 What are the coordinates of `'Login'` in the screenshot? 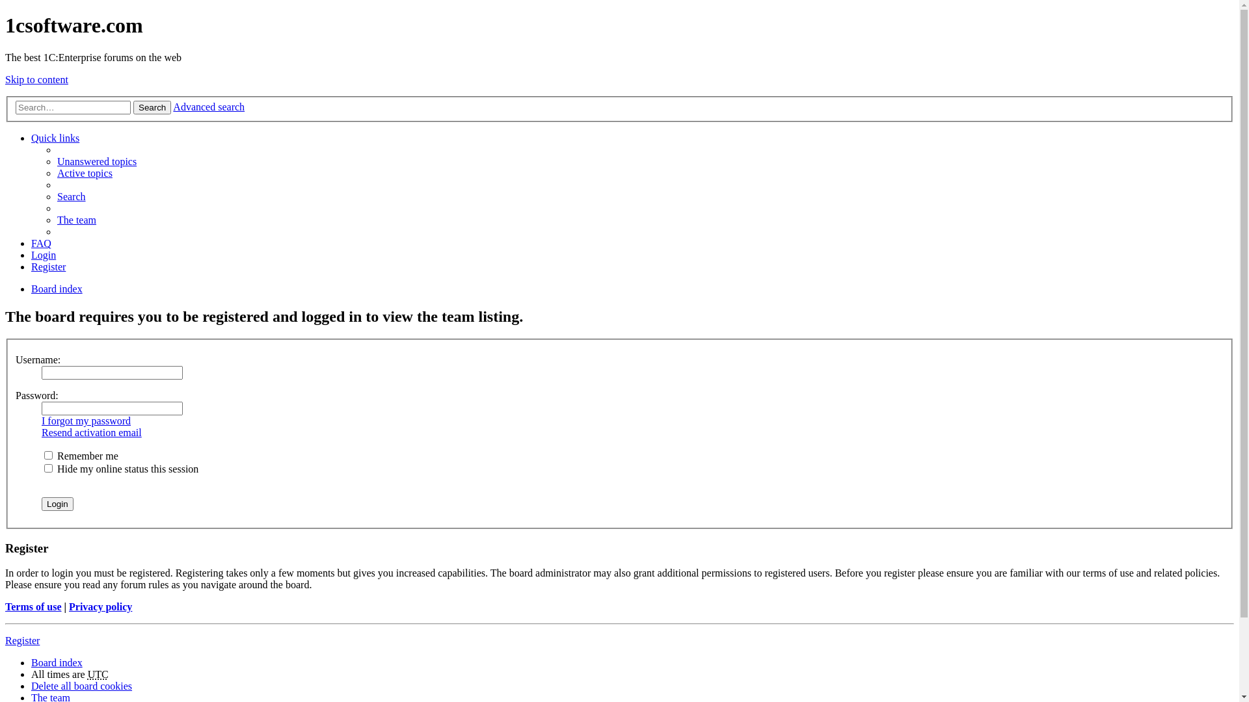 It's located at (44, 255).